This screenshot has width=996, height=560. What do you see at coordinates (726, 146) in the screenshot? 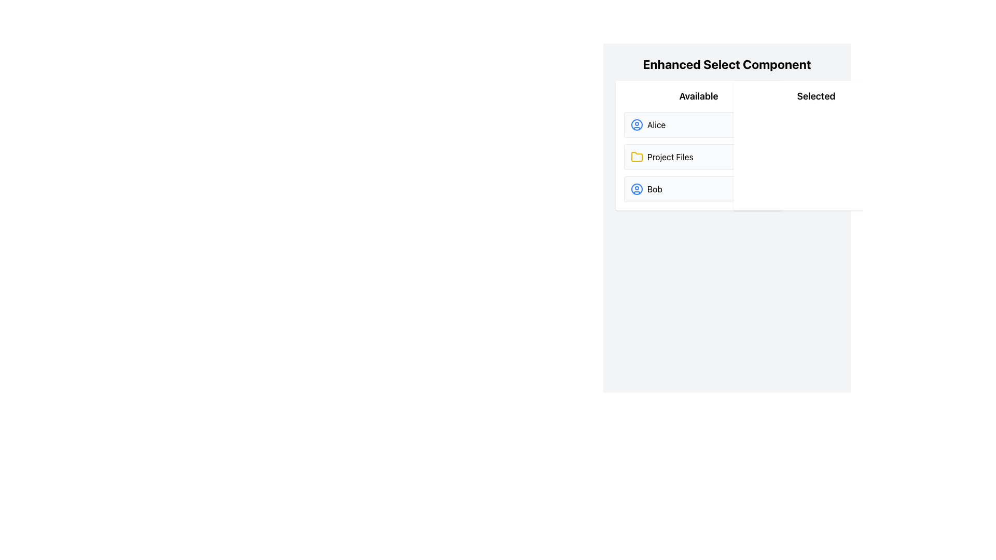
I see `the grid-based dual-list selection component to perform selection operations by clicking on the 'Available' column options` at bounding box center [726, 146].